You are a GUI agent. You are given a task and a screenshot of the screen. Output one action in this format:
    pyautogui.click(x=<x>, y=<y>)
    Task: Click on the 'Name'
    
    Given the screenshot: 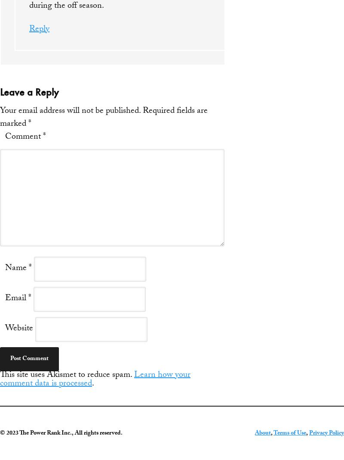 What is the action you would take?
    pyautogui.click(x=5, y=268)
    